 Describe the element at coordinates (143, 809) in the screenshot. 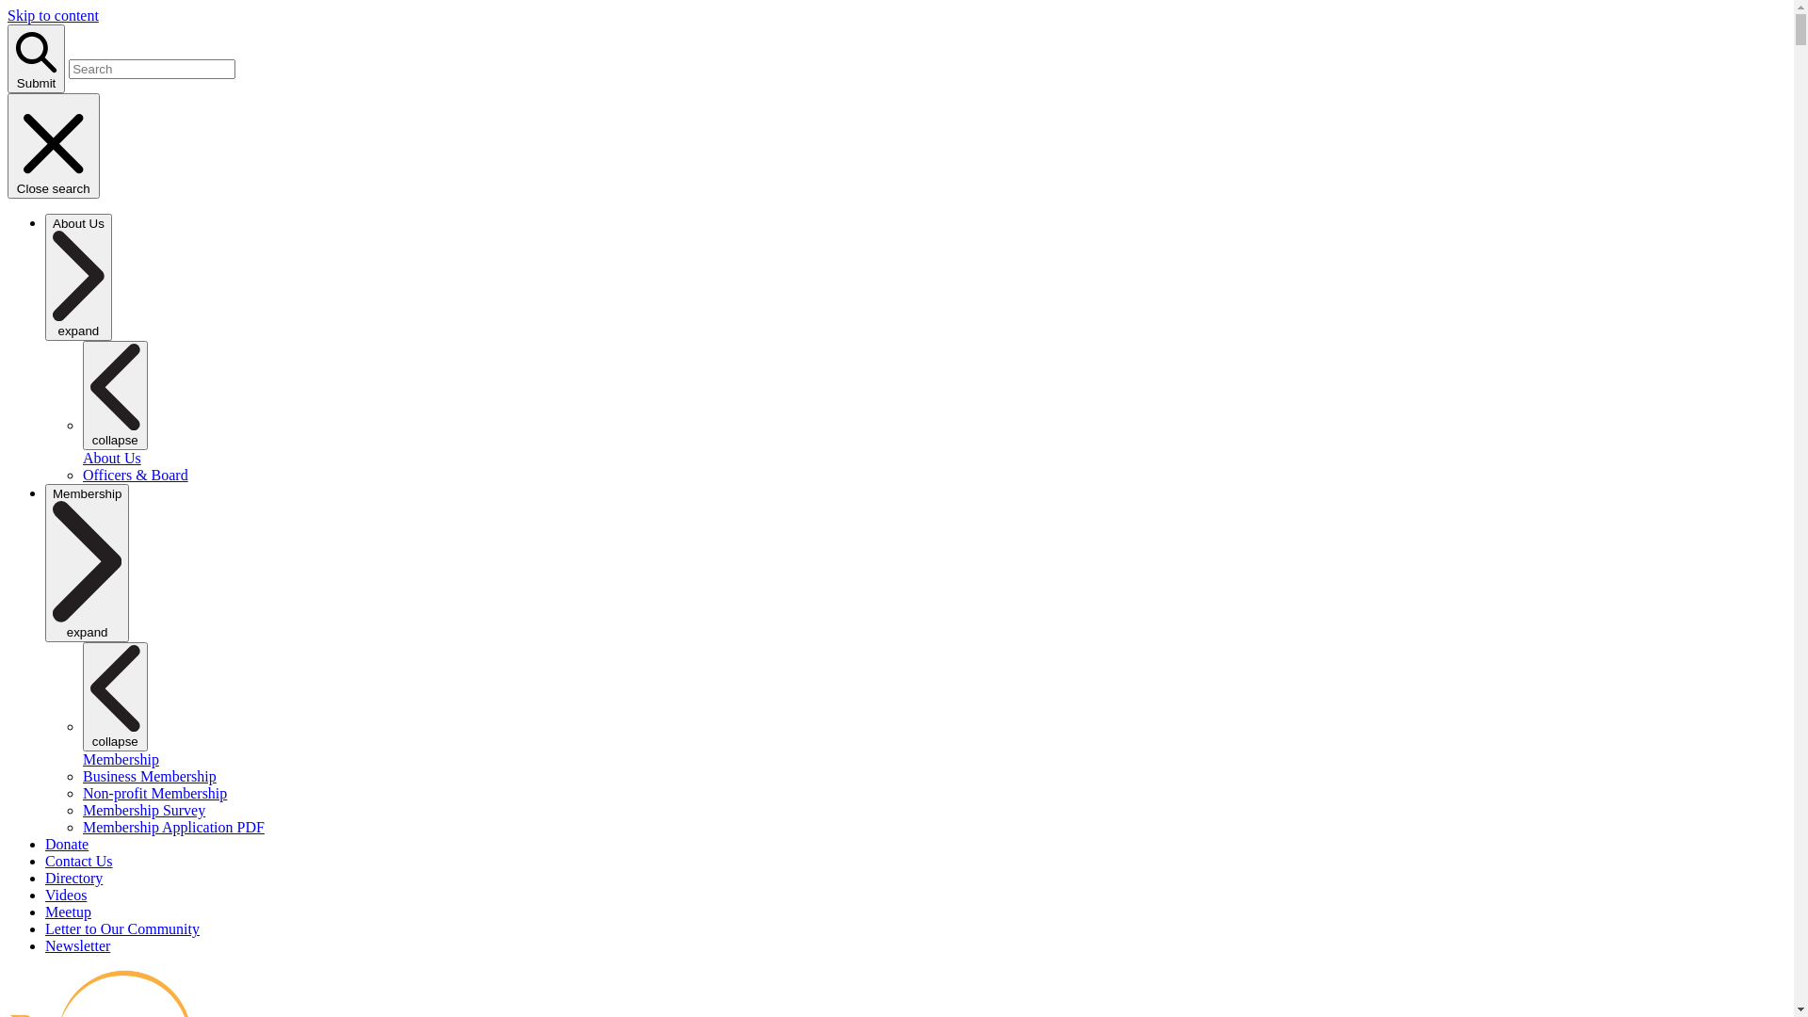

I see `'Membership Survey'` at that location.